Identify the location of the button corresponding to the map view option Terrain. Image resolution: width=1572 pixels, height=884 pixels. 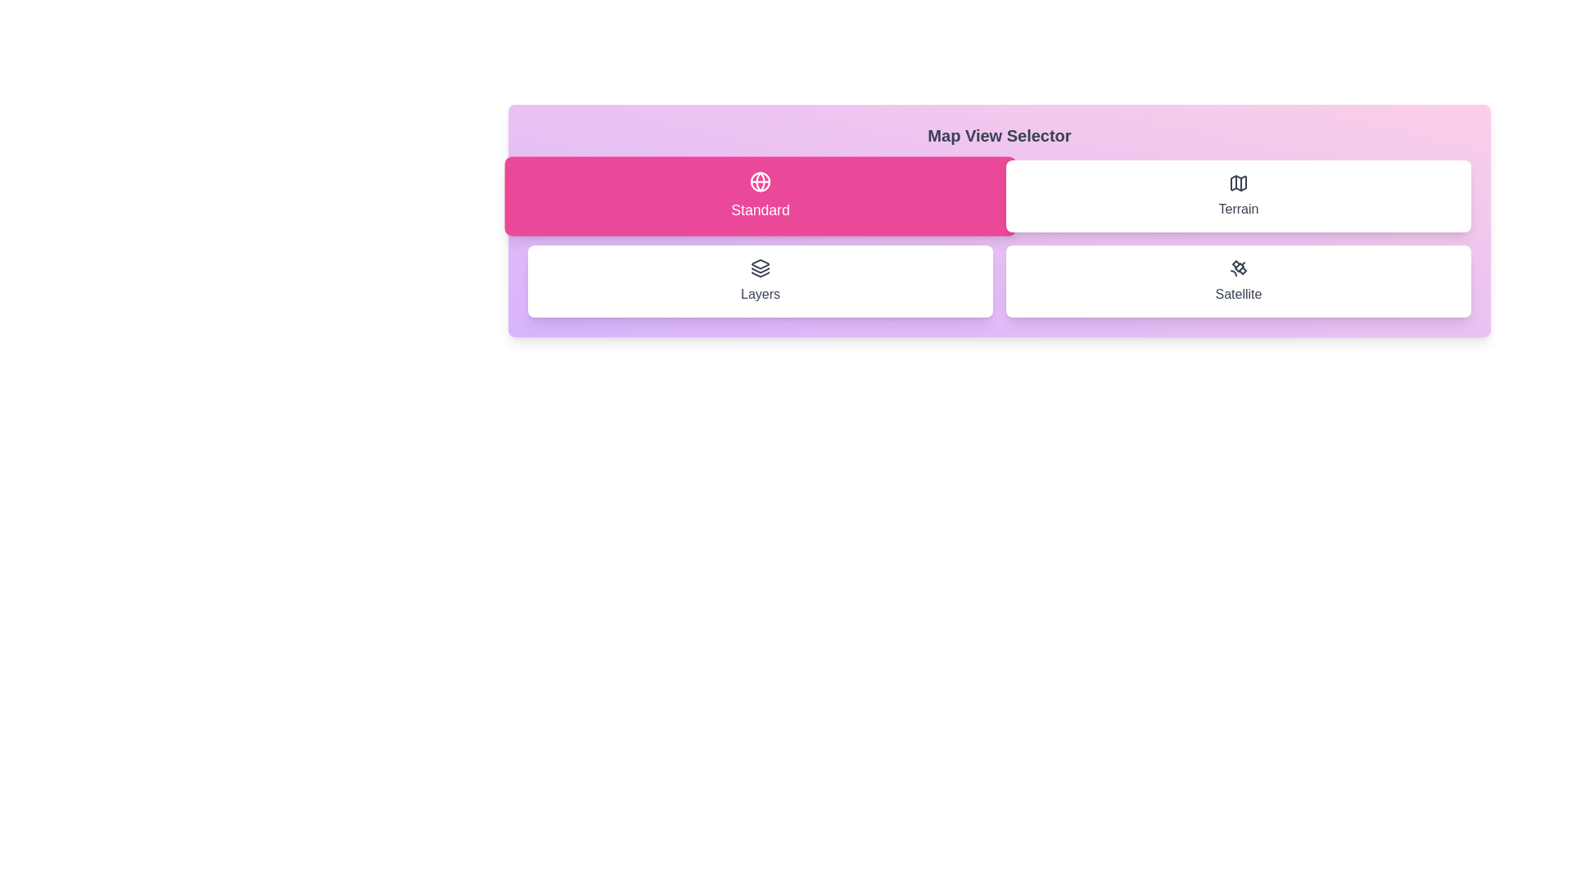
(1238, 195).